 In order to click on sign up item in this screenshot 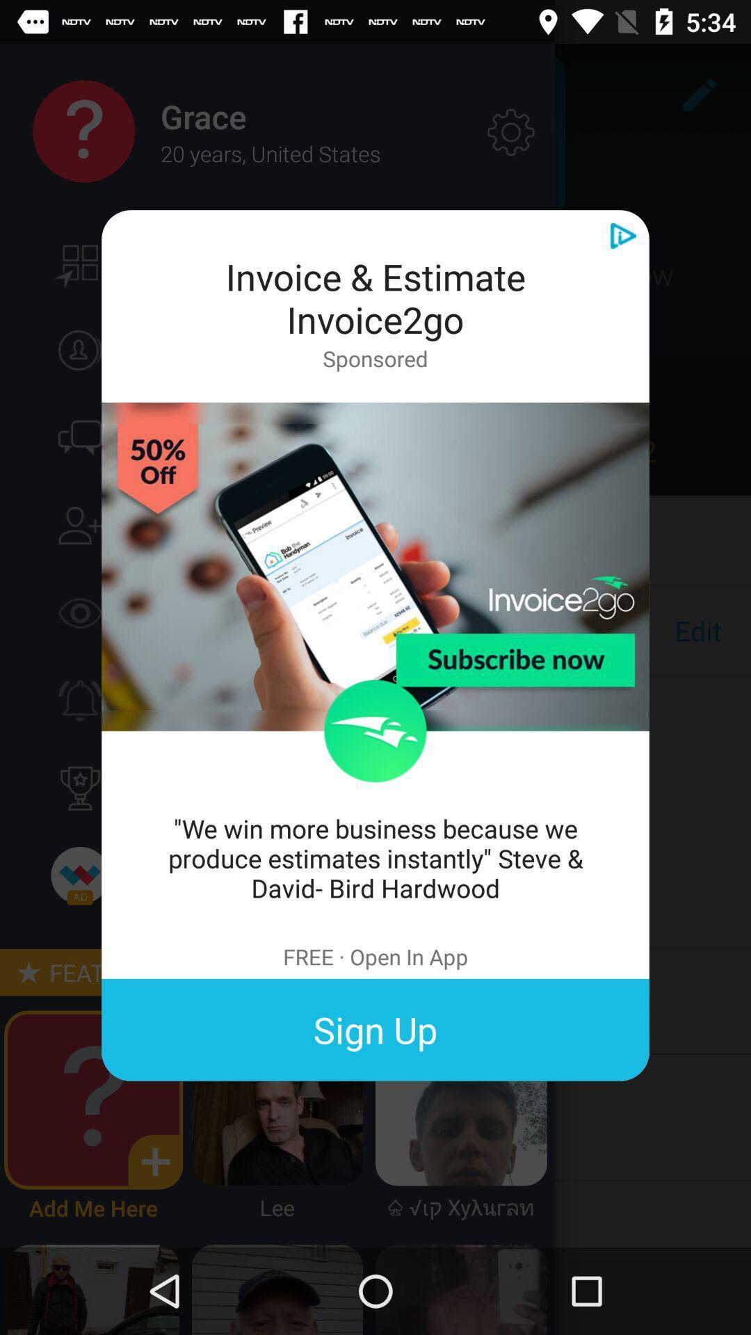, I will do `click(375, 1030)`.